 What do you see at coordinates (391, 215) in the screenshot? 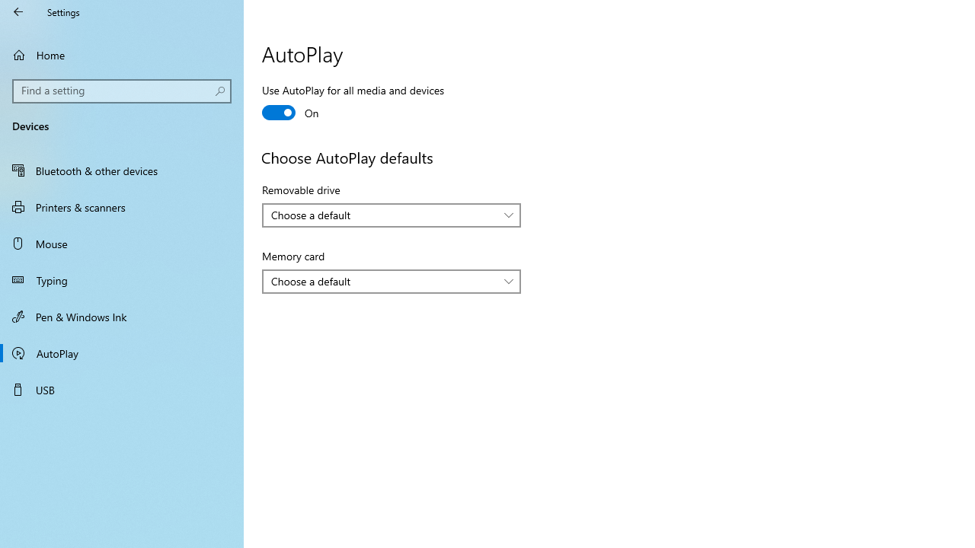
I see `'Removable drive'` at bounding box center [391, 215].